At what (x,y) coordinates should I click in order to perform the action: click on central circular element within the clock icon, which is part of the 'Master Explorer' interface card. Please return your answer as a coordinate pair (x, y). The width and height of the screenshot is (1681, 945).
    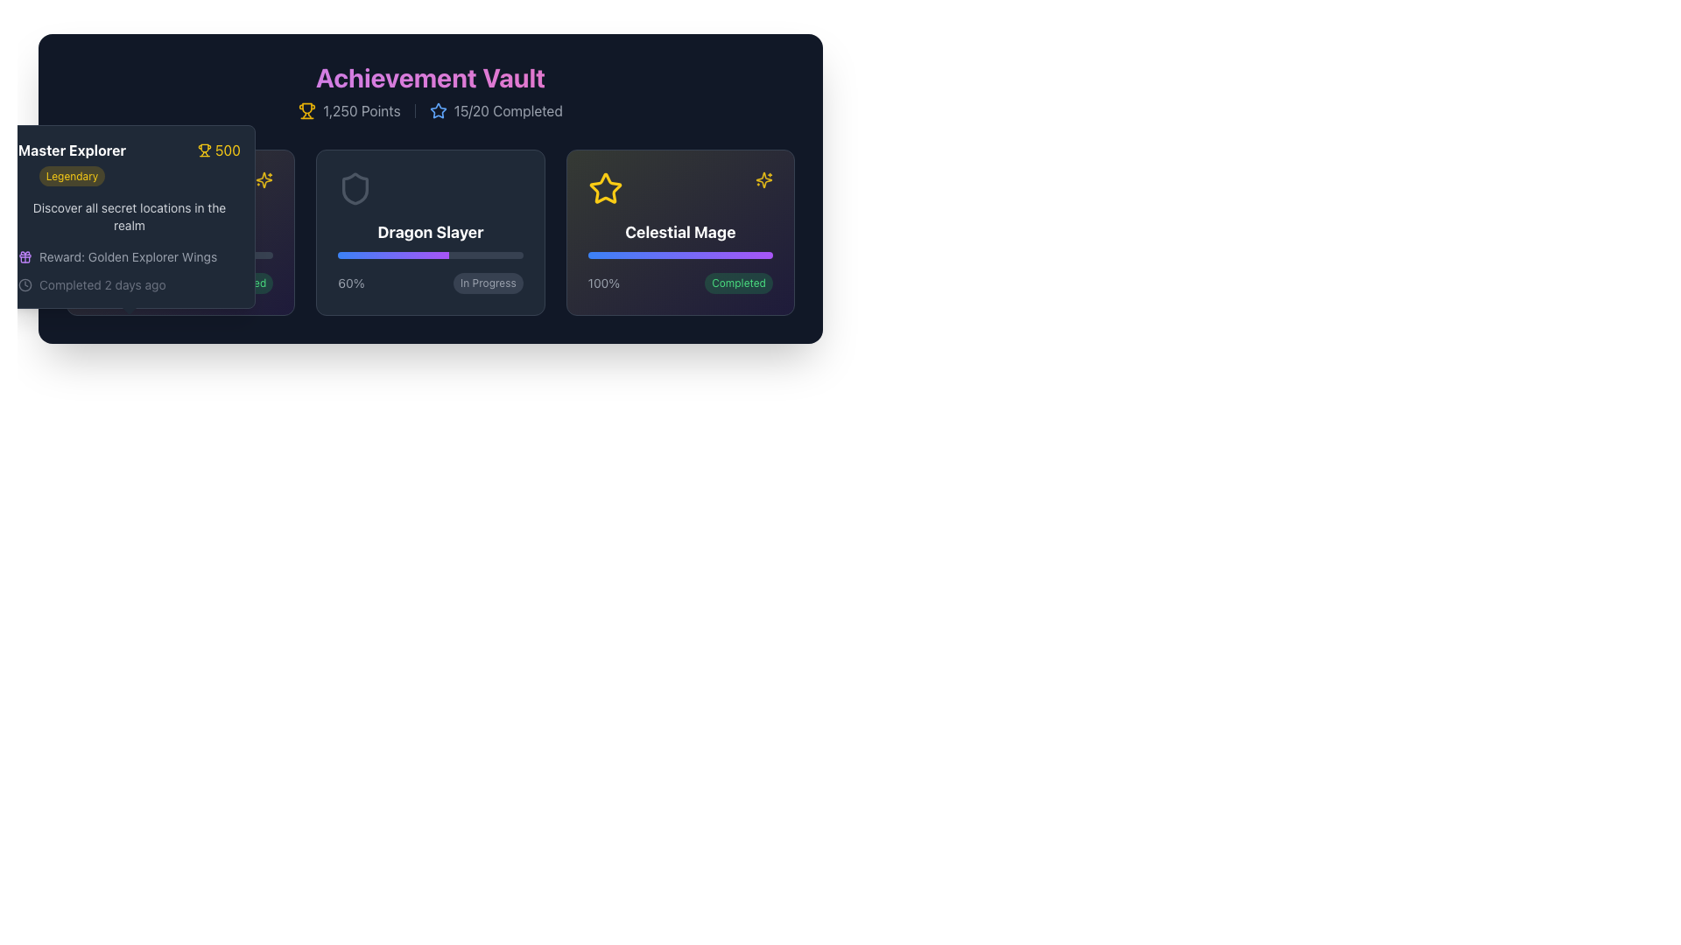
    Looking at the image, I should click on (25, 284).